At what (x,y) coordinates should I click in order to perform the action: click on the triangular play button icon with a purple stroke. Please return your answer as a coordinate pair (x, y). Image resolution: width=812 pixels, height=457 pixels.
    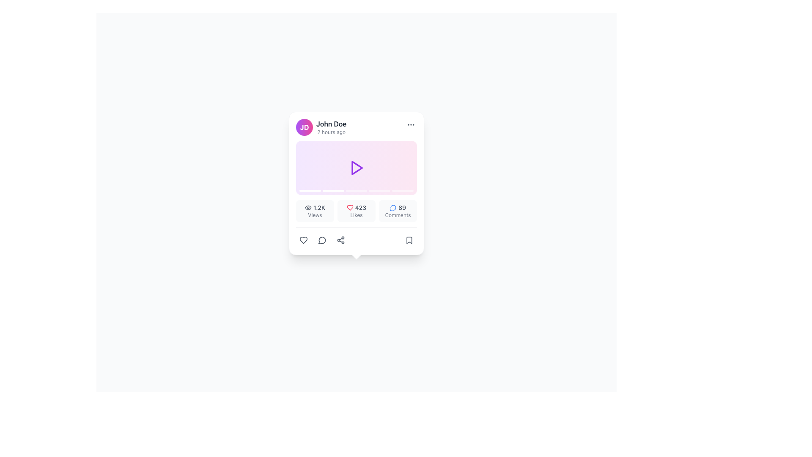
    Looking at the image, I should click on (357, 168).